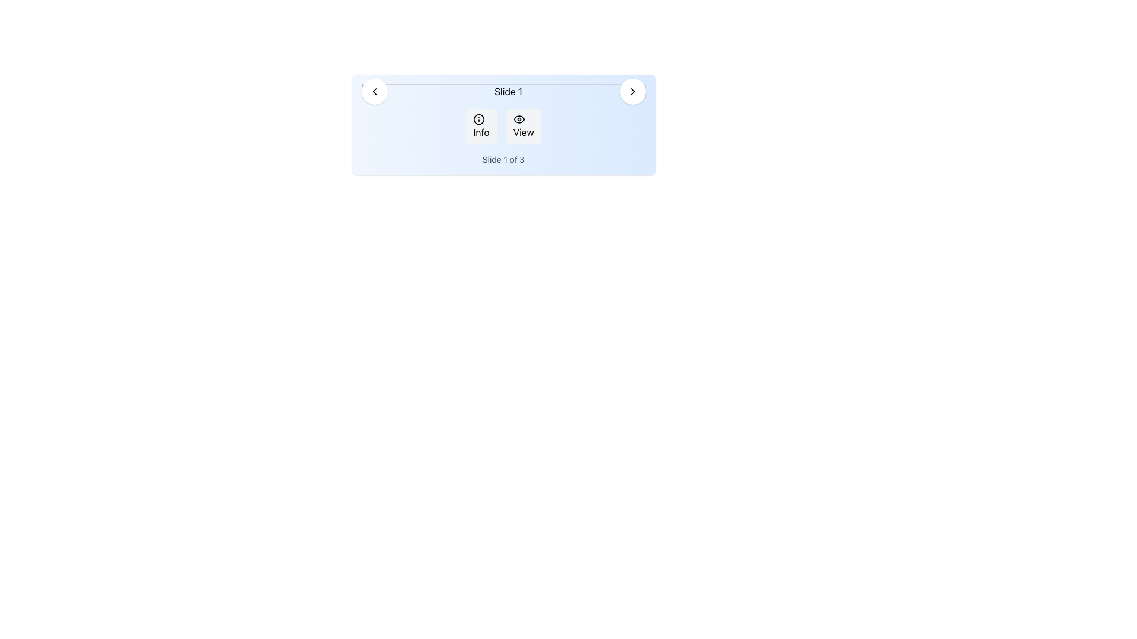 Image resolution: width=1137 pixels, height=639 pixels. Describe the element at coordinates (632, 91) in the screenshot. I see `the right-facing chevron arrow SVG icon located in the top-right corner of the horizontal panel displaying 'Slide 1', which is contained within a circular button` at that location.